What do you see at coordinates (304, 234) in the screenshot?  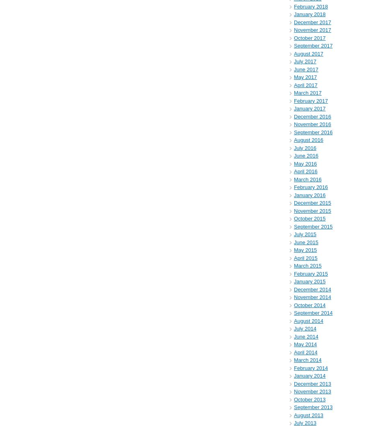 I see `'July 2015'` at bounding box center [304, 234].